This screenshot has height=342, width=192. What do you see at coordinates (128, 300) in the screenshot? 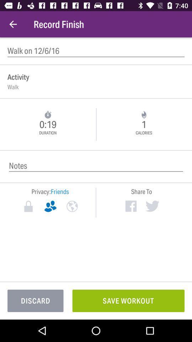
I see `the item next to the discard` at bounding box center [128, 300].